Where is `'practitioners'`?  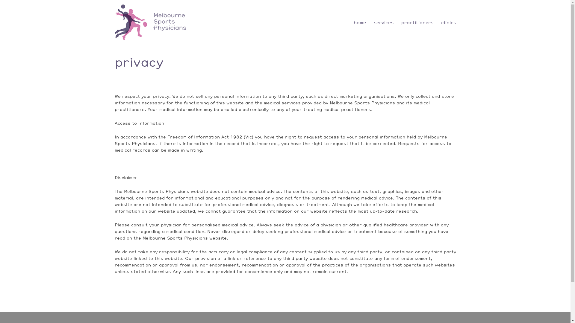 'practitioners' is located at coordinates (417, 23).